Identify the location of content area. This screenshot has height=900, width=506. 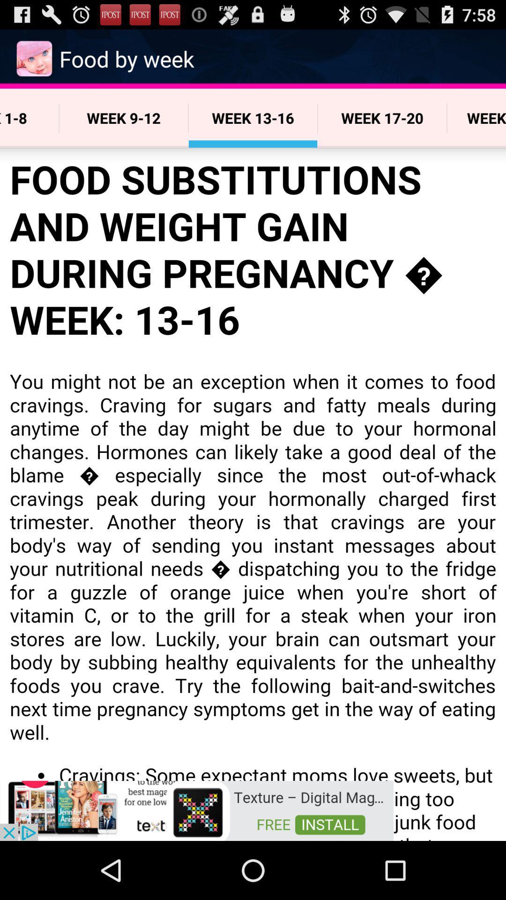
(253, 494).